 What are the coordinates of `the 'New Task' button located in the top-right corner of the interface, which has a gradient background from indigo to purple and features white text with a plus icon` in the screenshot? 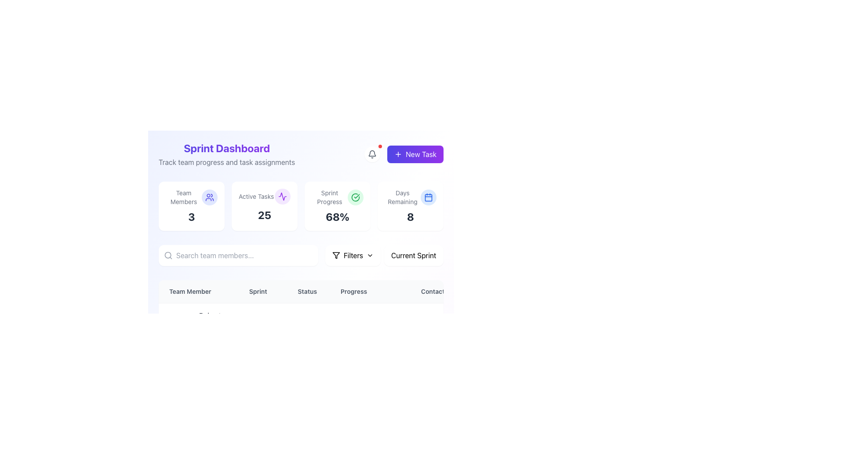 It's located at (415, 154).